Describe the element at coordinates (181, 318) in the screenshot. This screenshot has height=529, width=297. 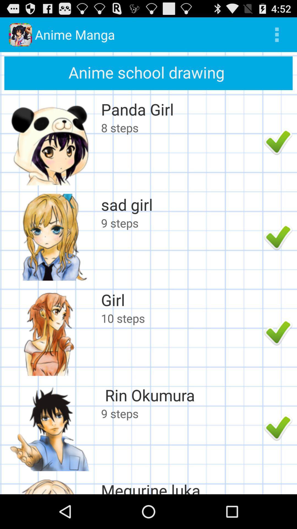
I see `the app below the girl` at that location.